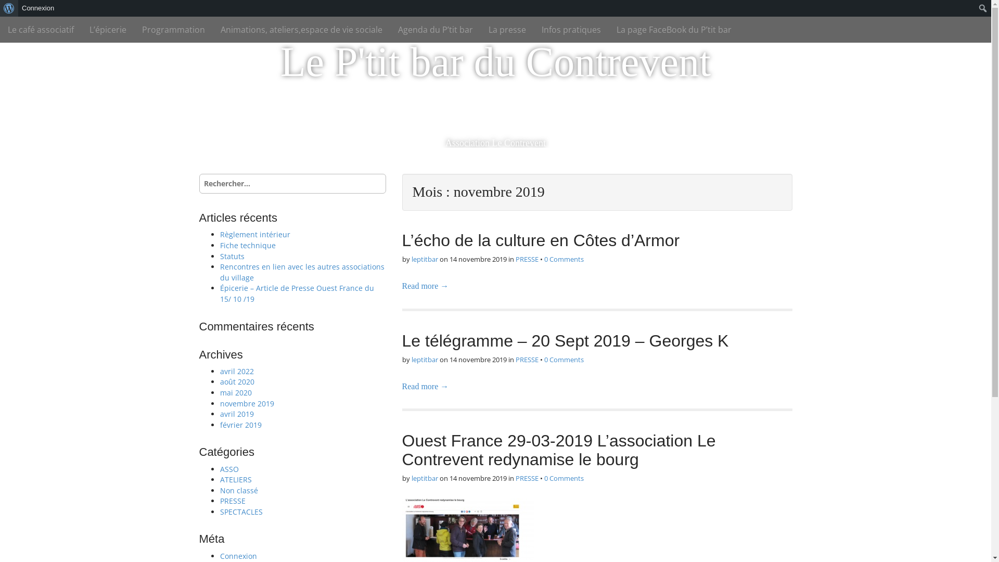 The height and width of the screenshot is (562, 999). What do you see at coordinates (450, 258) in the screenshot?
I see `'14 novembre 2019'` at bounding box center [450, 258].